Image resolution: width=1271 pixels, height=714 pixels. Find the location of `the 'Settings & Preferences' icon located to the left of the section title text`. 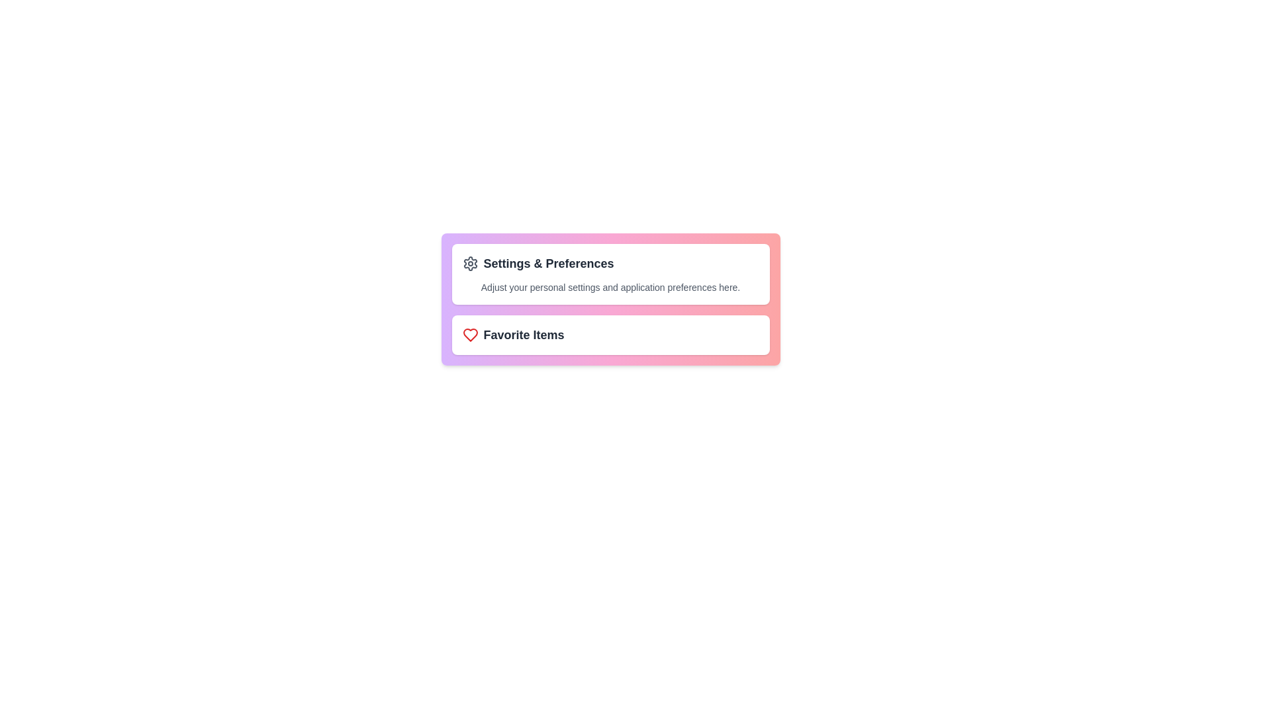

the 'Settings & Preferences' icon located to the left of the section title text is located at coordinates (470, 263).